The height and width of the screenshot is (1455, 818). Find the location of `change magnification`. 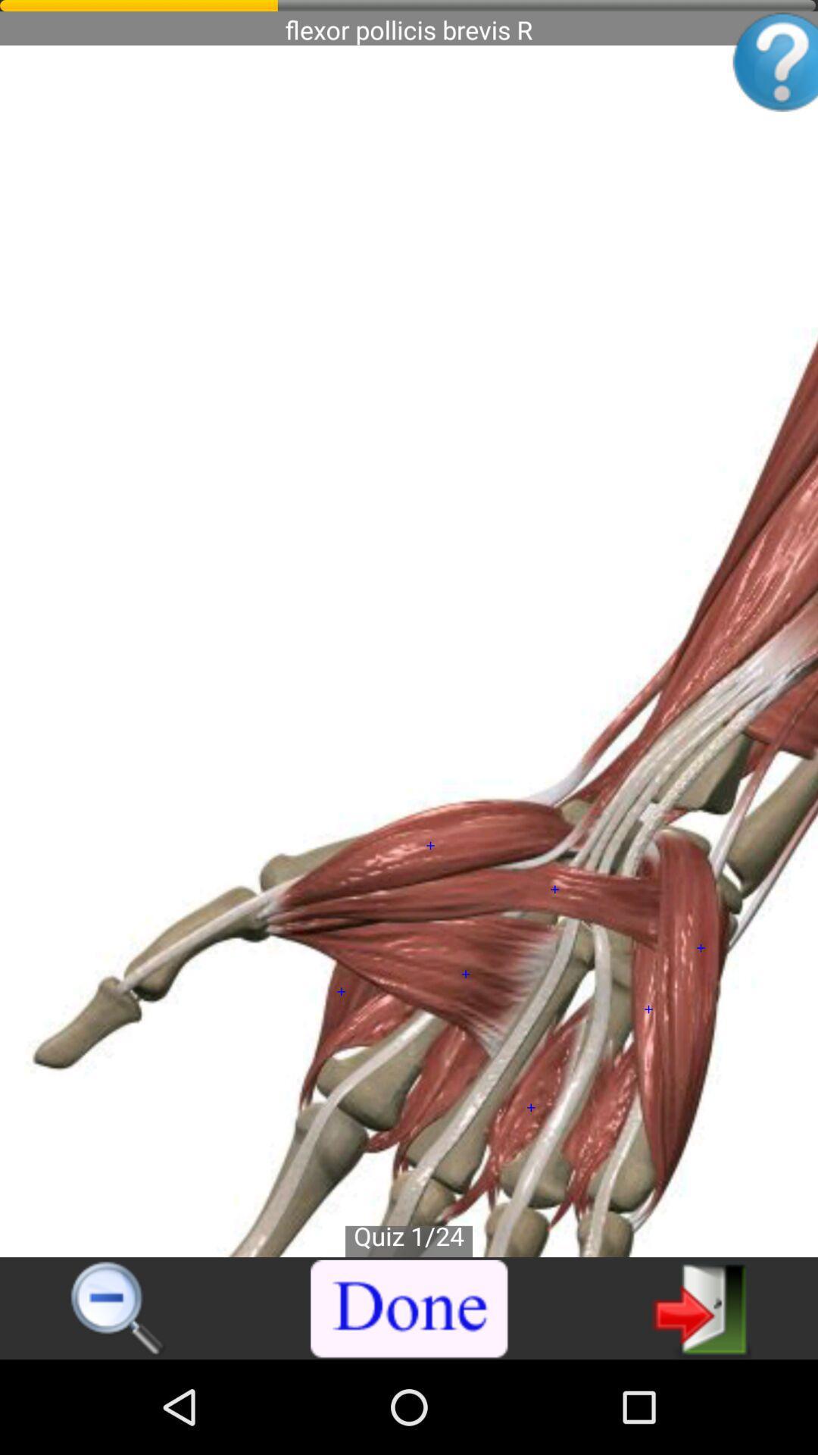

change magnification is located at coordinates (118, 1309).